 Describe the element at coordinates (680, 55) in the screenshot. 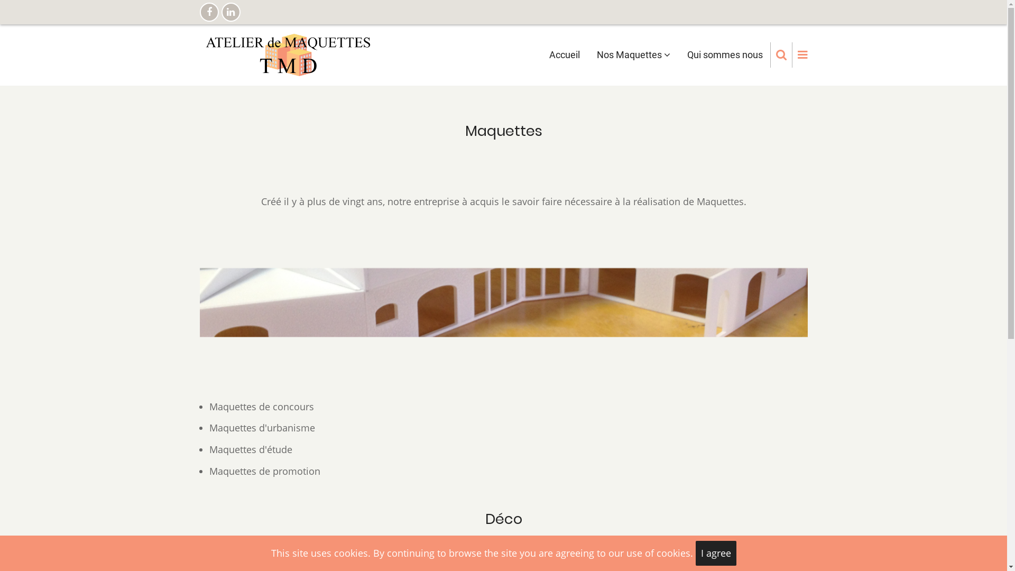

I see `'Qui sommes nous'` at that location.